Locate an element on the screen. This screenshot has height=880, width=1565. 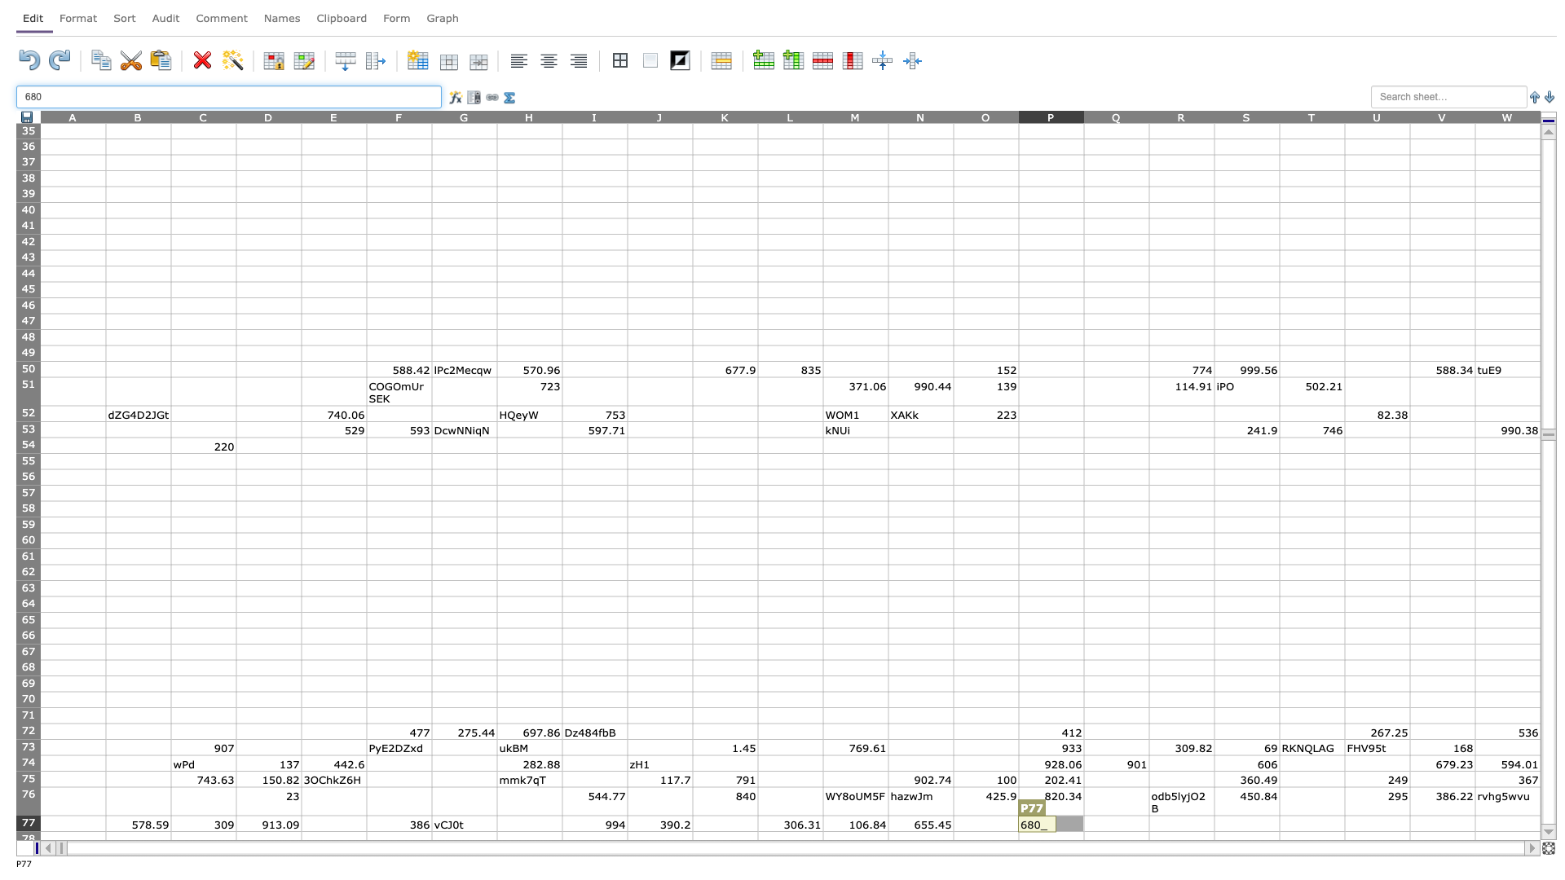
top left at column S row 77 is located at coordinates (1214, 816).